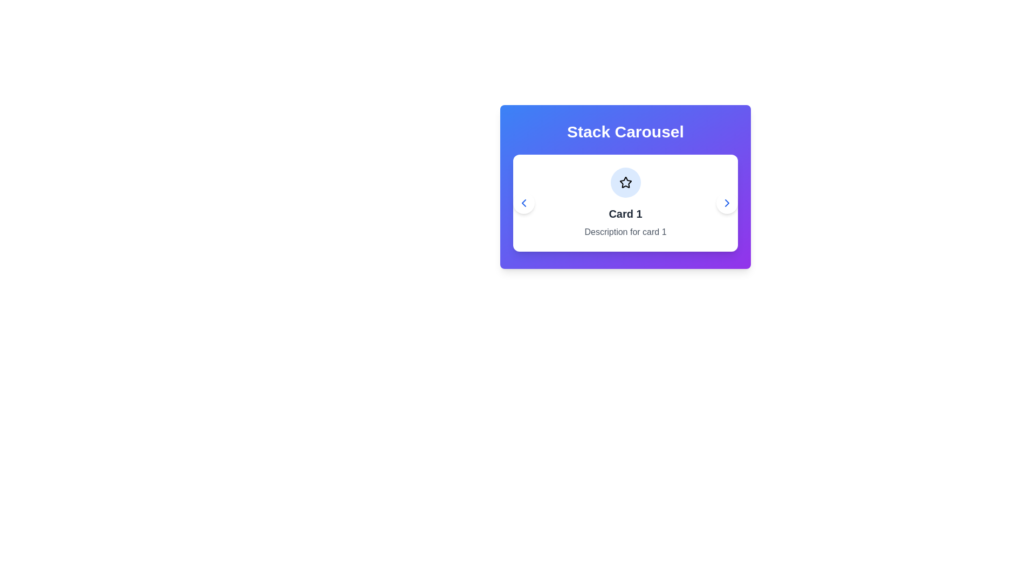 The height and width of the screenshot is (582, 1035). Describe the element at coordinates (523, 203) in the screenshot. I see `the navigational button on the left side of the carousel, which is surrounded by a circular white background, to move to the previous item in the carousel` at that location.